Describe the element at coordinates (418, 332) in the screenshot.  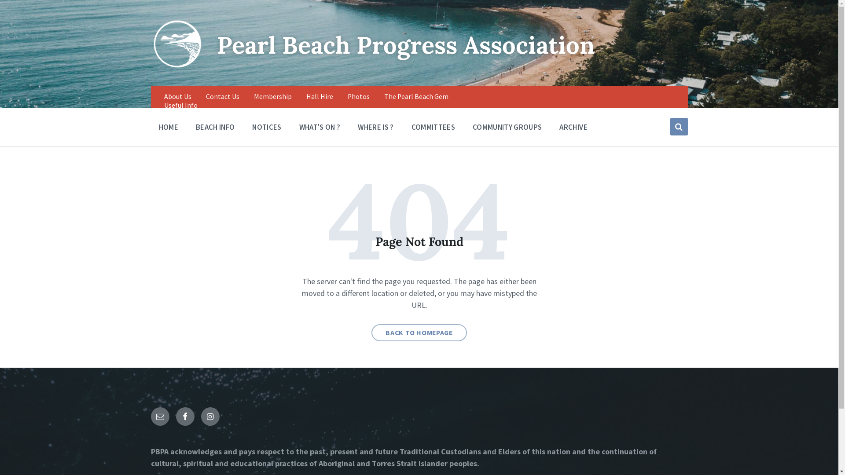
I see `'BACK TO HOMEPAGE'` at that location.